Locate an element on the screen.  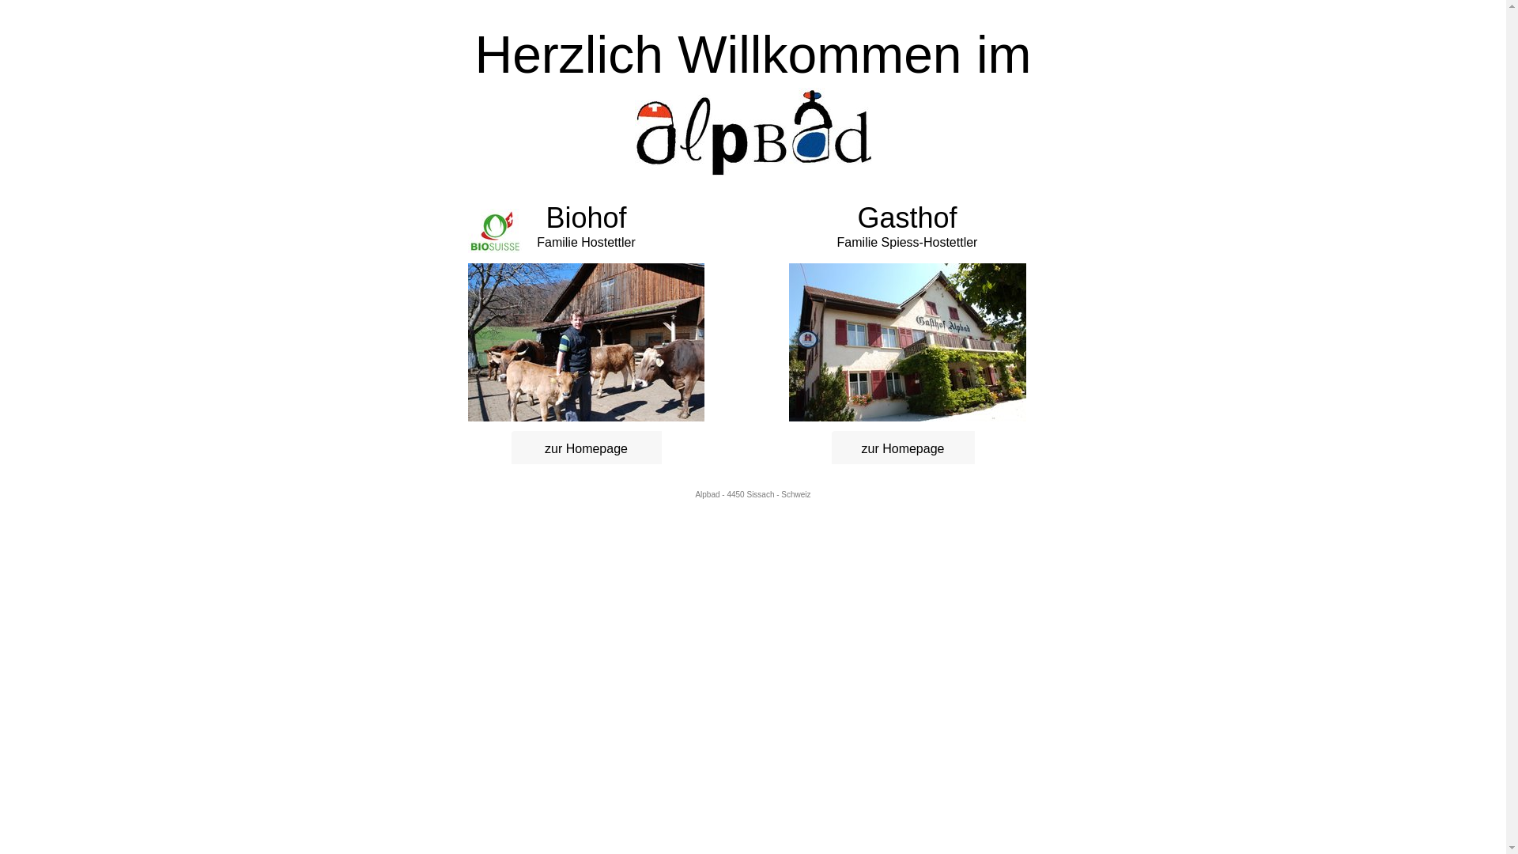
'Familie Spiess-Hostettler' is located at coordinates (907, 242).